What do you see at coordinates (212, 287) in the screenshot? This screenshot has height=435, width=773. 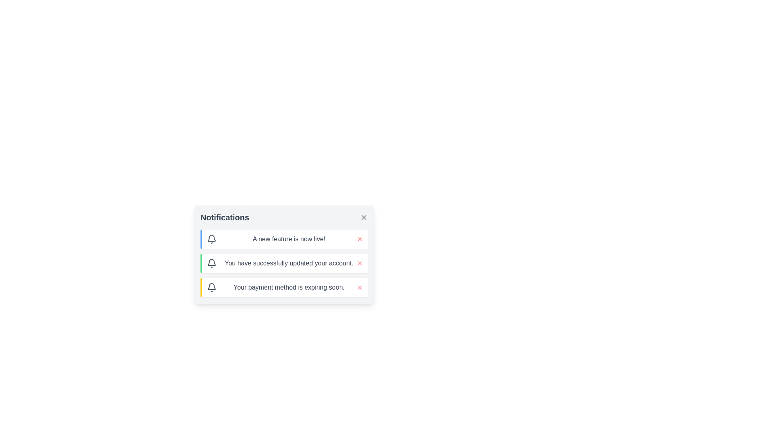 I see `the gray outlined bell icon for notifications located to the left of the text 'Your payment method is expiring soon.'` at bounding box center [212, 287].